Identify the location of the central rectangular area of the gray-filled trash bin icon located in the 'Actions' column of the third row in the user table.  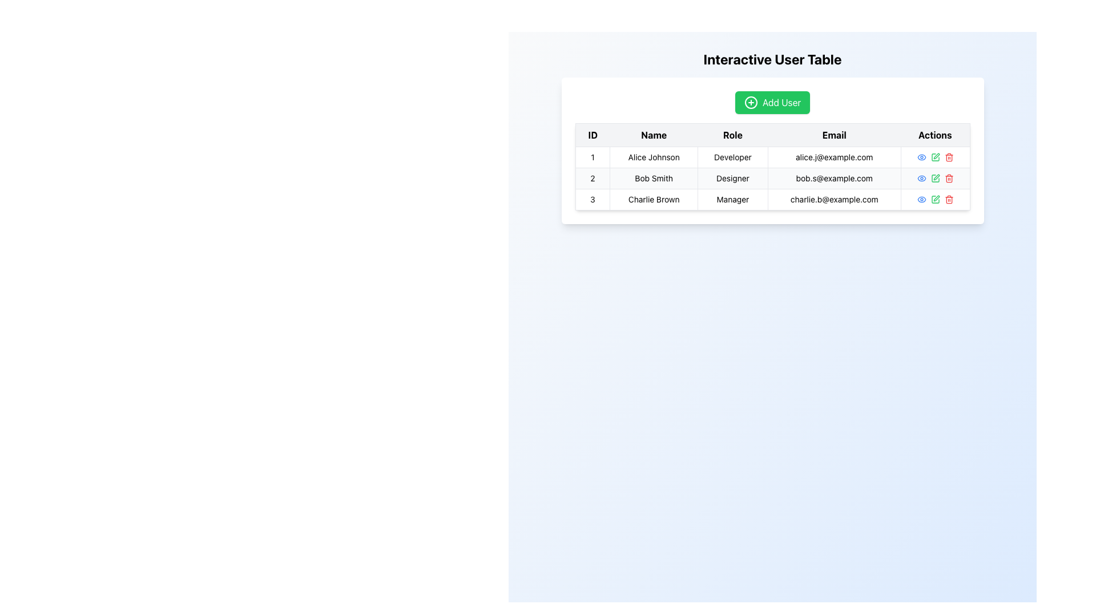
(949, 200).